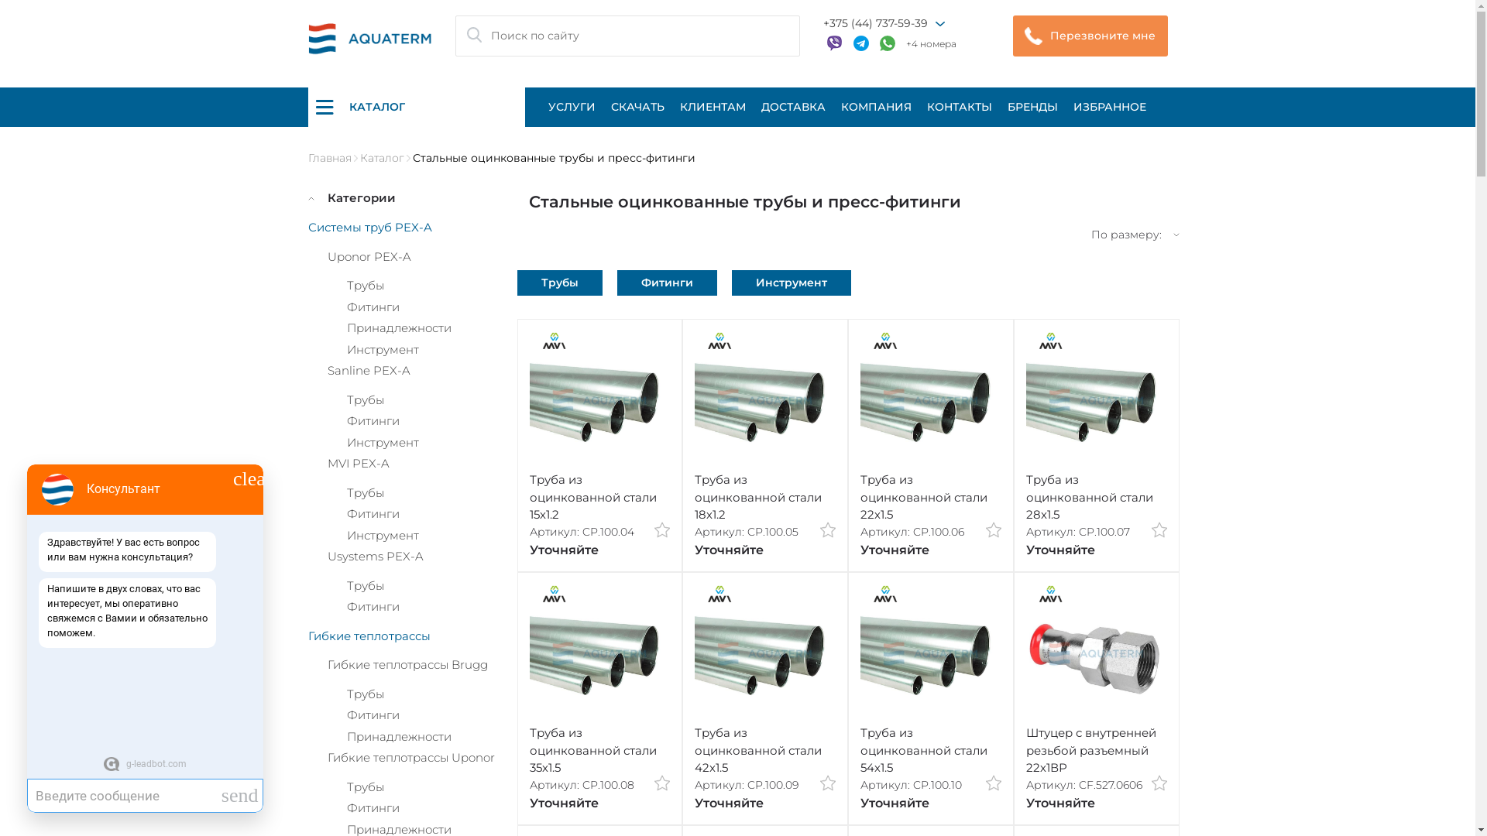 The width and height of the screenshot is (1487, 836). I want to click on 'MVI PEX-A', so click(326, 462).